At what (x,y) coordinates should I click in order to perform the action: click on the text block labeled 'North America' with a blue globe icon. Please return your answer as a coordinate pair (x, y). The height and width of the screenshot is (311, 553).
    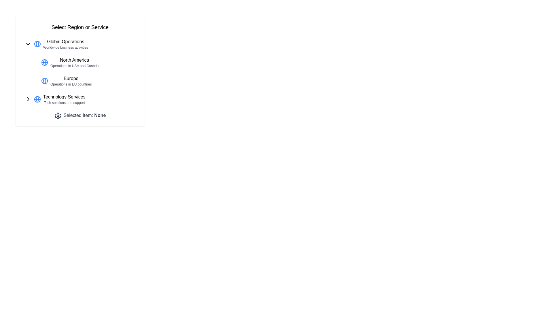
    Looking at the image, I should click on (80, 62).